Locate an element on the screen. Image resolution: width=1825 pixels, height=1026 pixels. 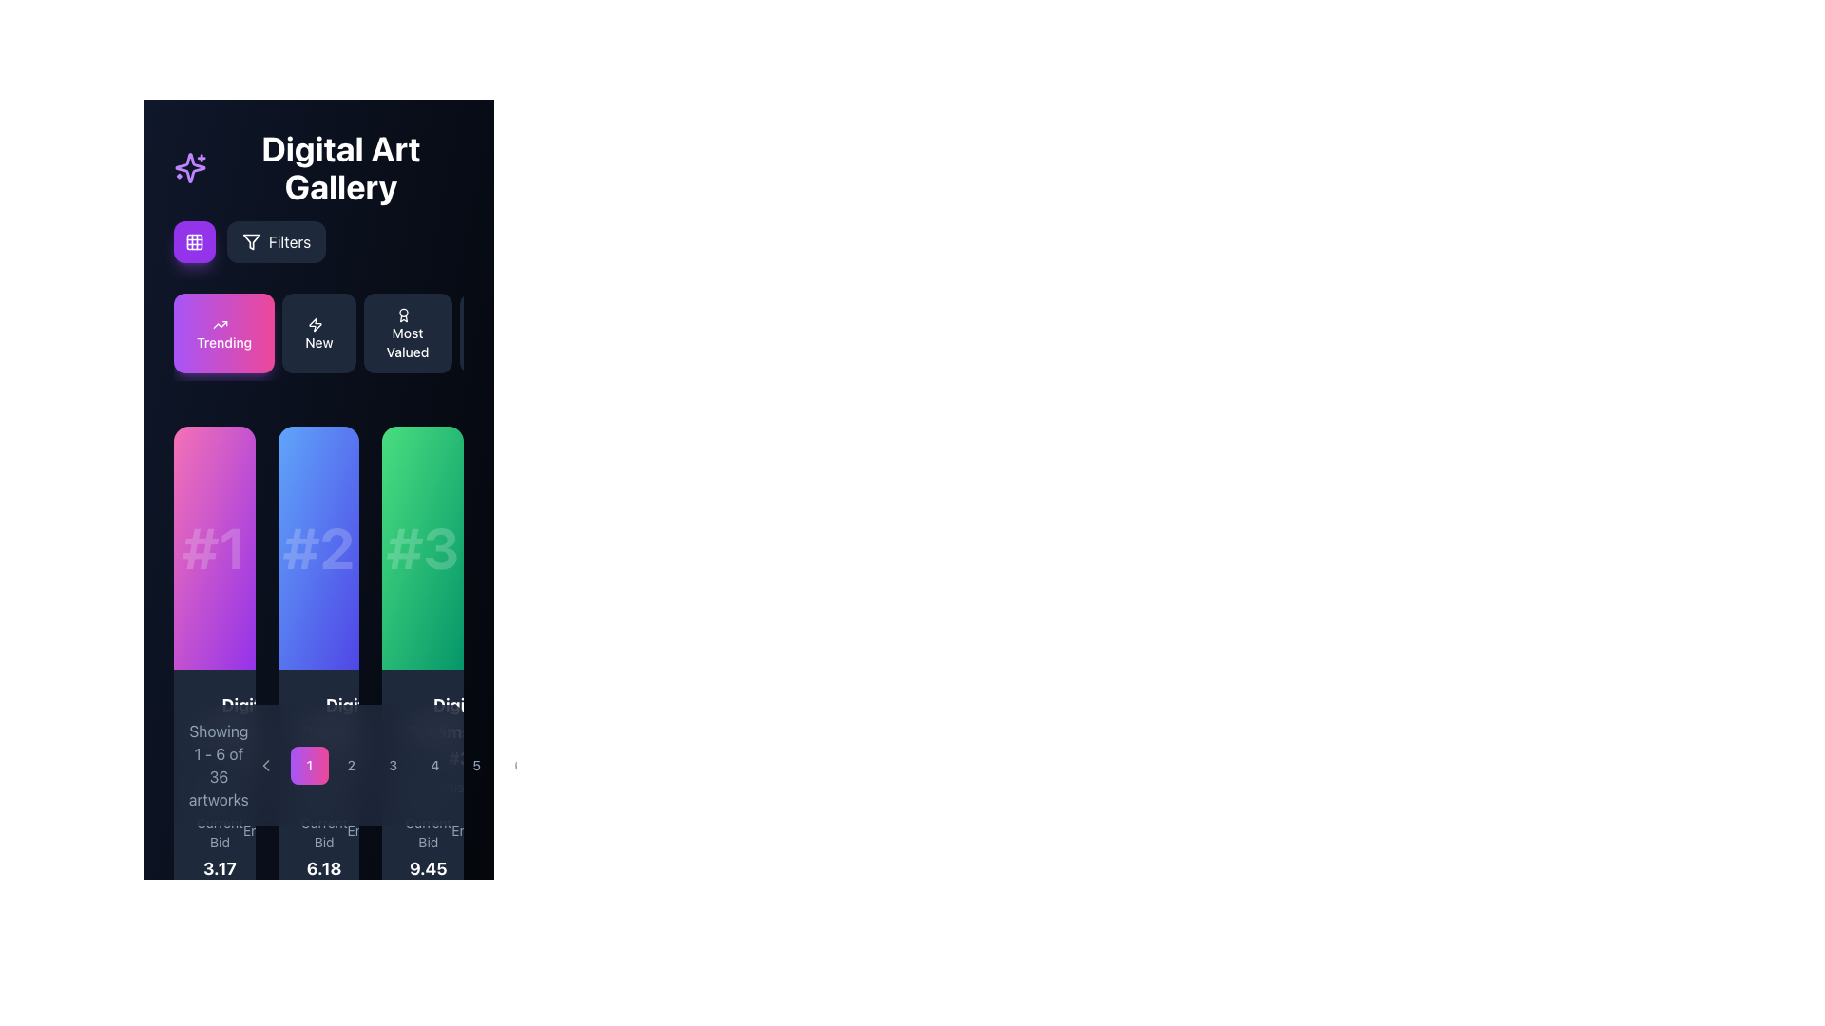
the square button displaying the numeral '3' is located at coordinates (392, 765).